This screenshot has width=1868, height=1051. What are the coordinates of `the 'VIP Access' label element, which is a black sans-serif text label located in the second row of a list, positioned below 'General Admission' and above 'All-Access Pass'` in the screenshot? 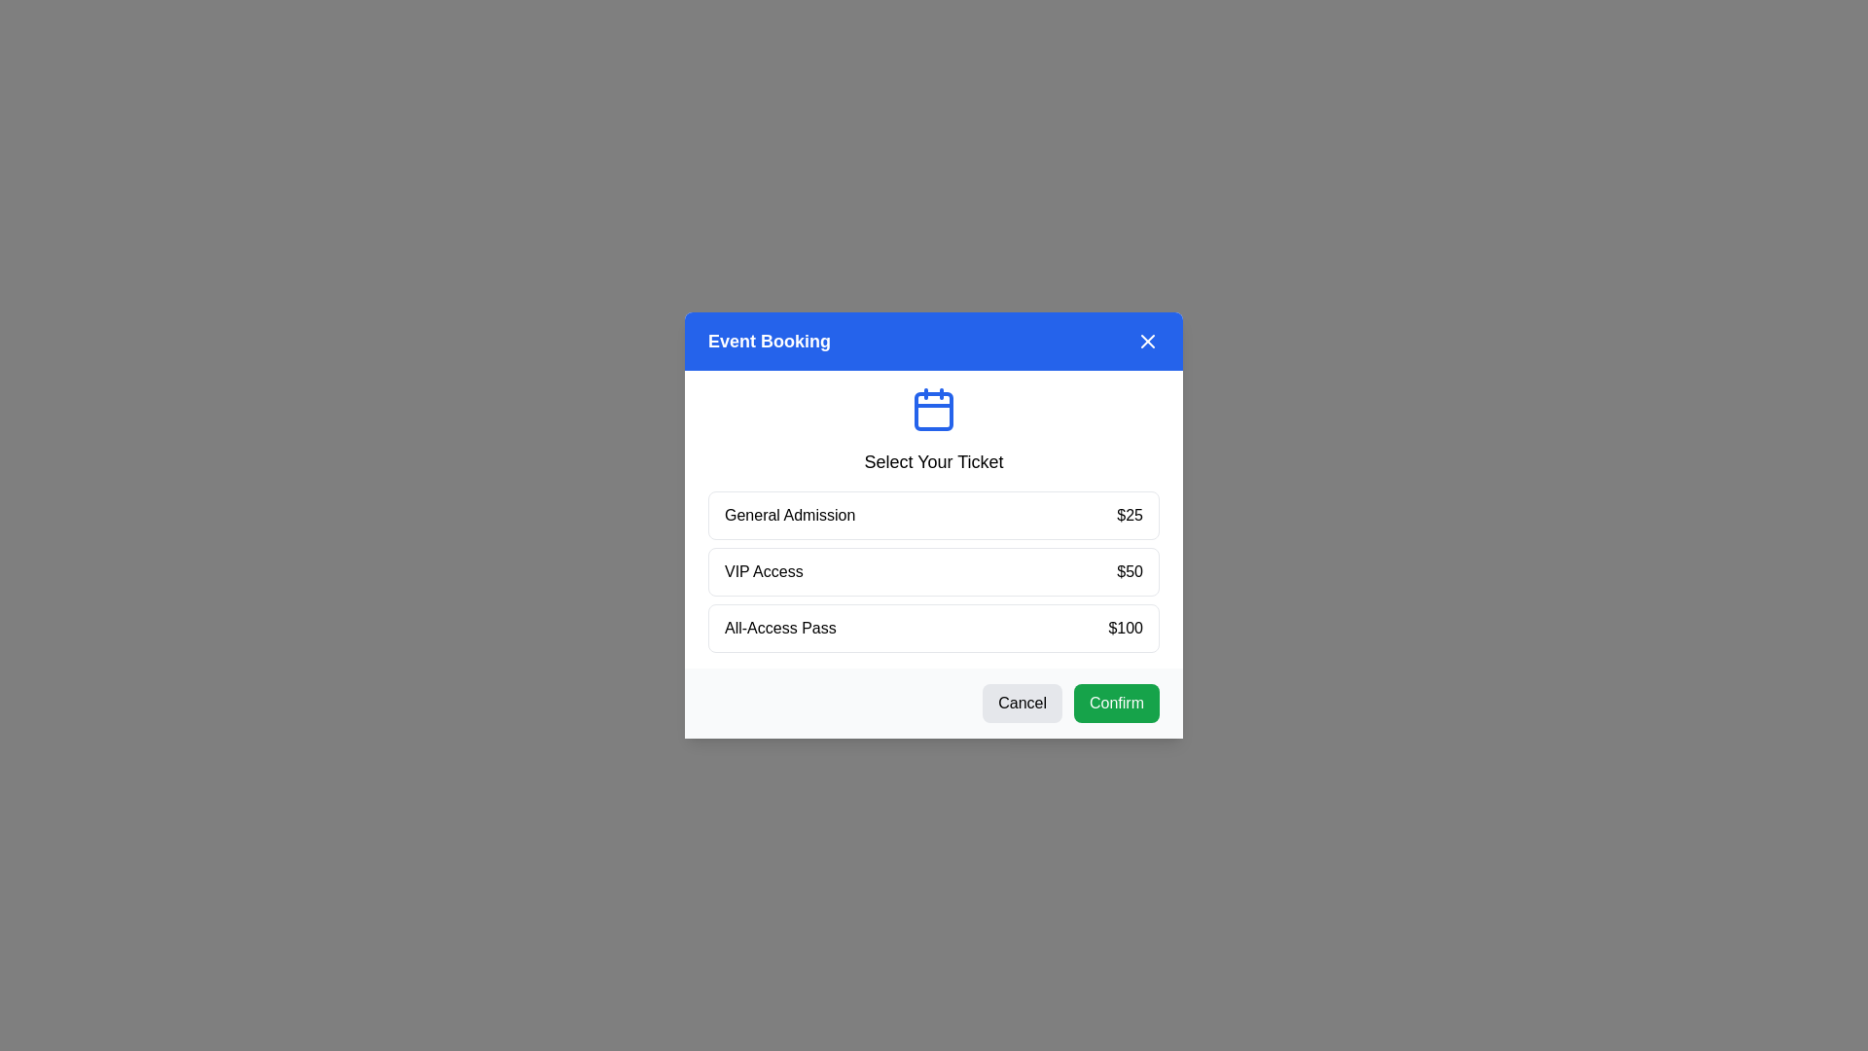 It's located at (763, 570).